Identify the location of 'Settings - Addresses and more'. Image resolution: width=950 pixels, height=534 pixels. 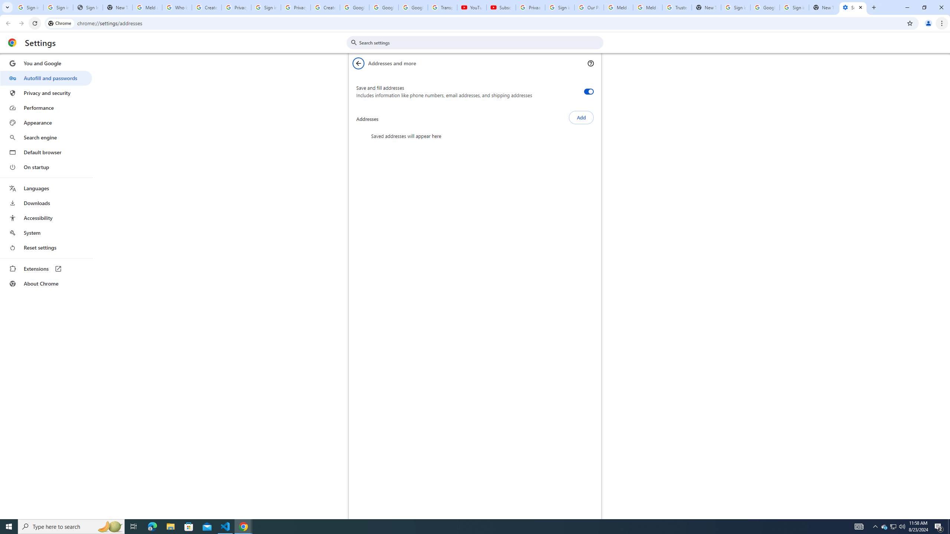
(853, 7).